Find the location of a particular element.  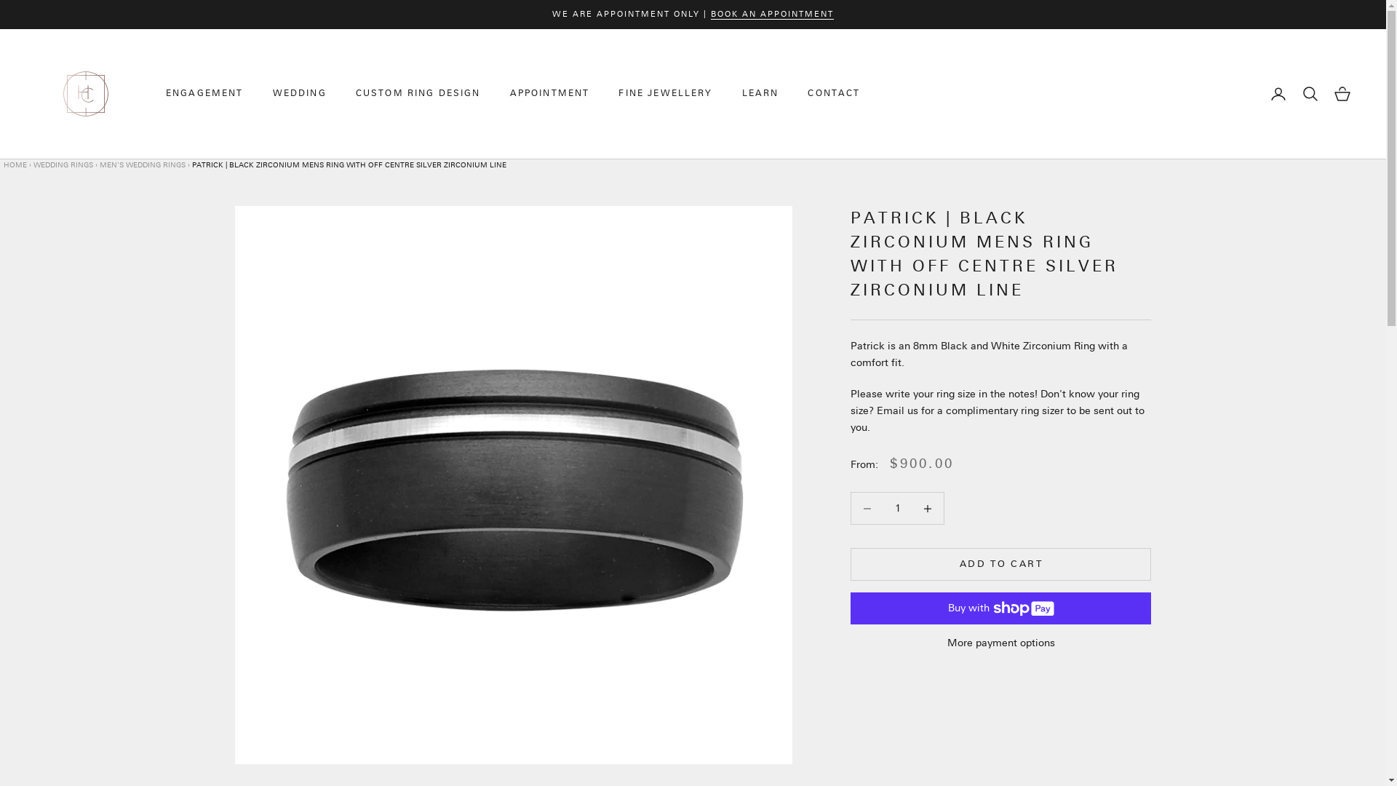

'MEN'S WEDDING RINGS' is located at coordinates (143, 164).